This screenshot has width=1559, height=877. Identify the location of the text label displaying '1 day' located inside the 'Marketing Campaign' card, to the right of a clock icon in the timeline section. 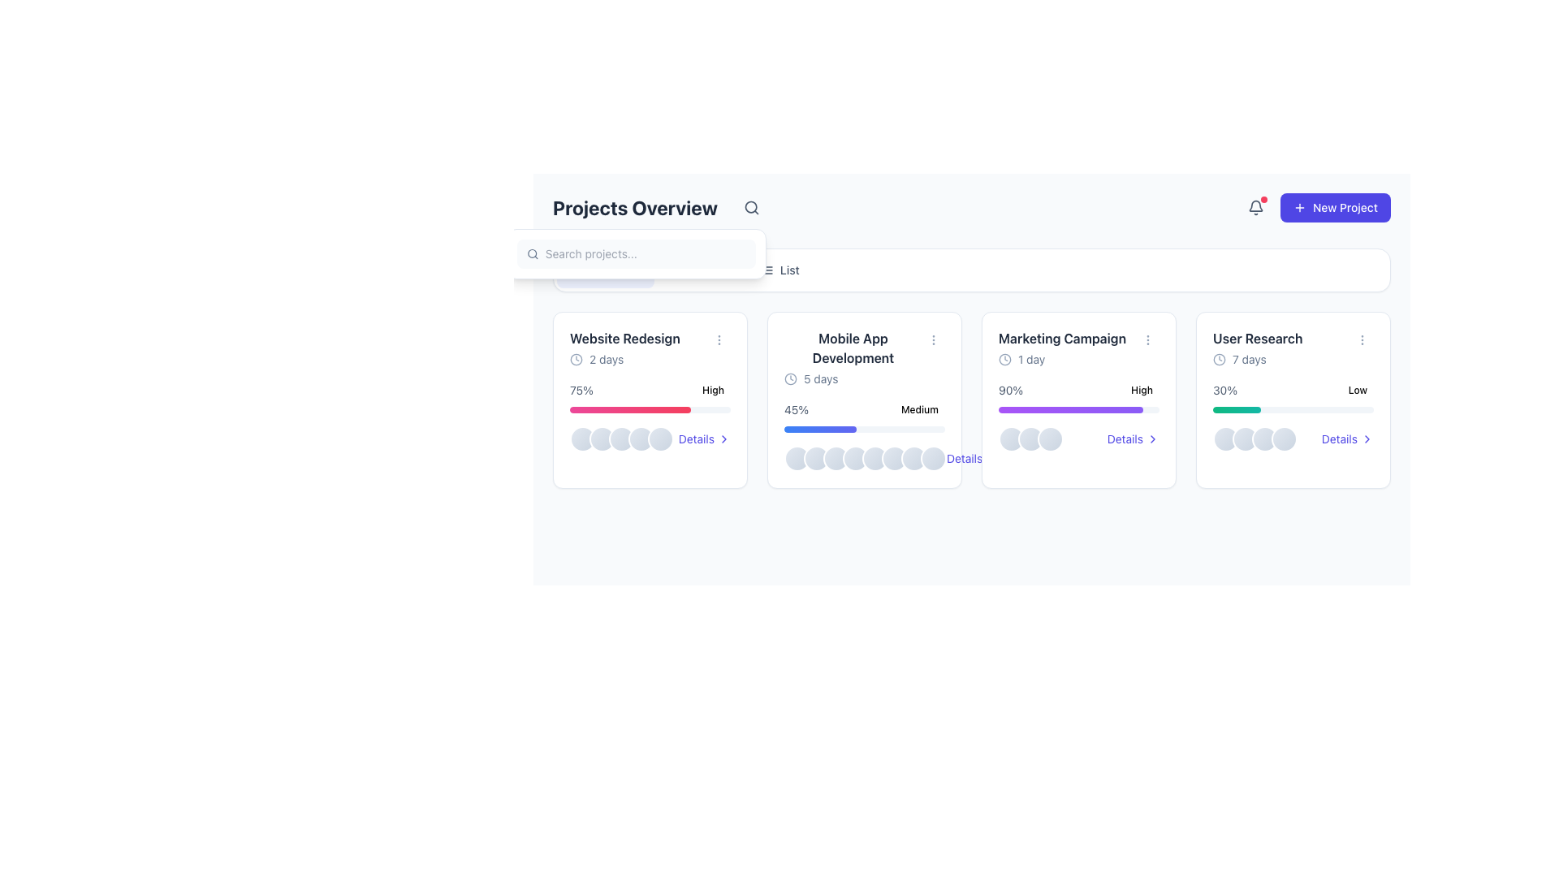
(1030, 359).